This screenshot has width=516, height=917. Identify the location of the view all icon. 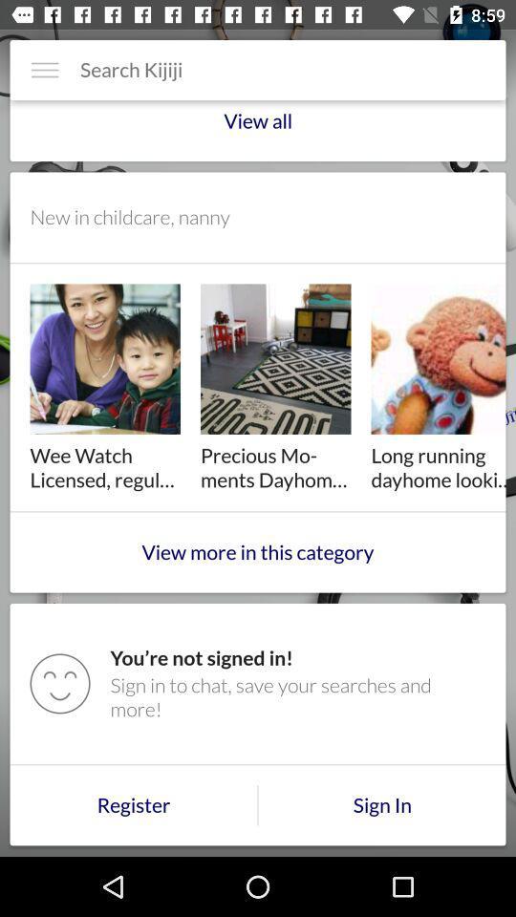
(258, 128).